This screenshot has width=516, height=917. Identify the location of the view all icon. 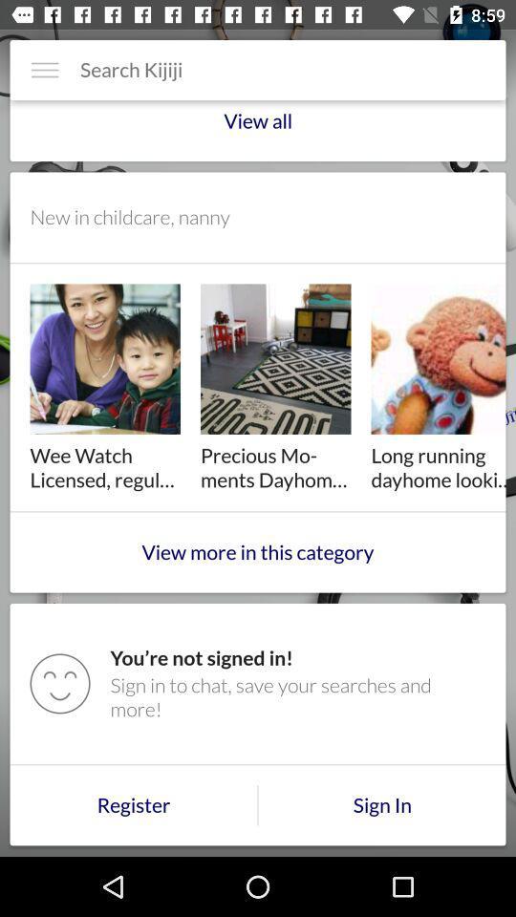
(258, 128).